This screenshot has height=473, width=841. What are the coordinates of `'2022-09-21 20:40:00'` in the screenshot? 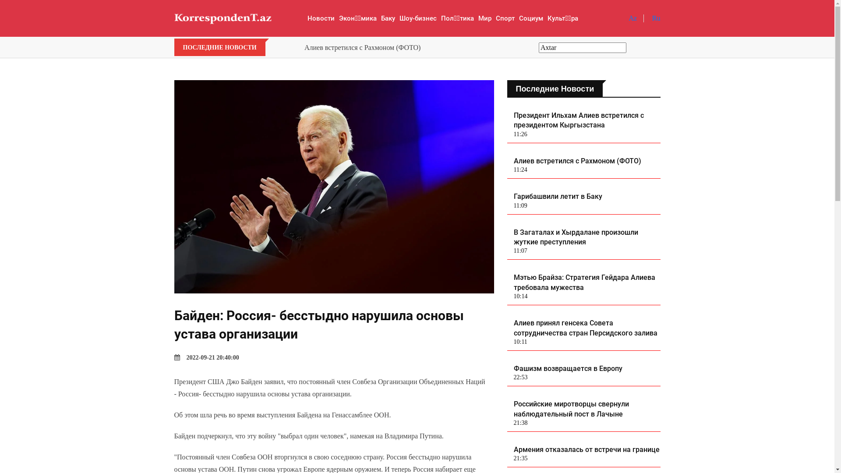 It's located at (174, 357).